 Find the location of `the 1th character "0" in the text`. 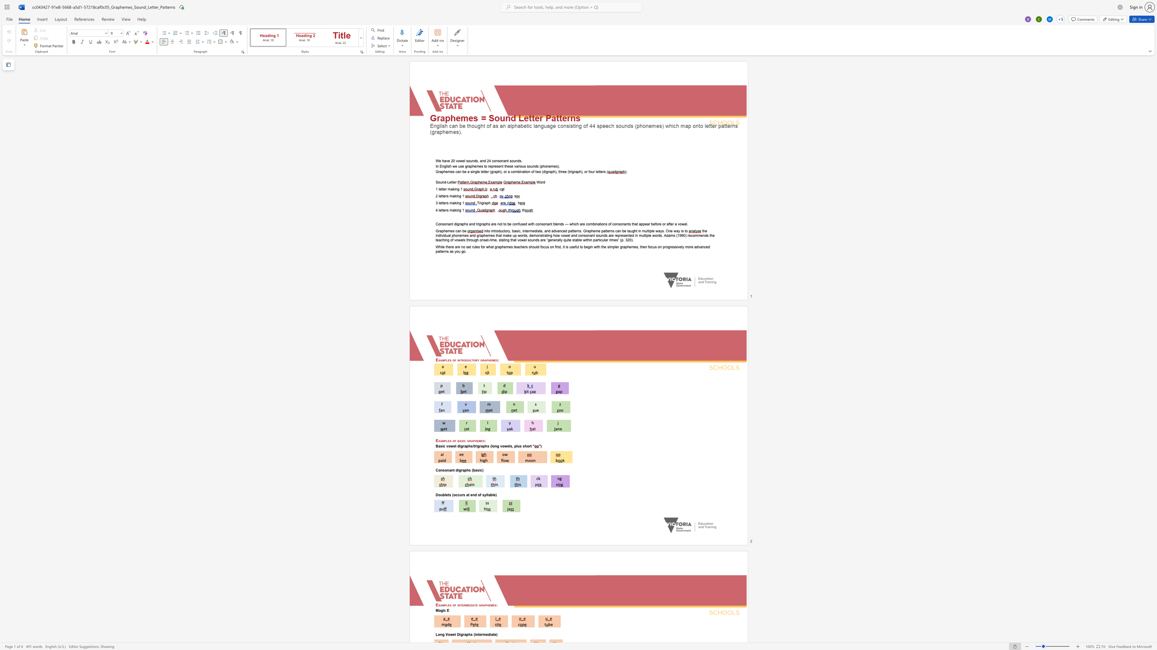

the 1th character "0" in the text is located at coordinates (454, 161).